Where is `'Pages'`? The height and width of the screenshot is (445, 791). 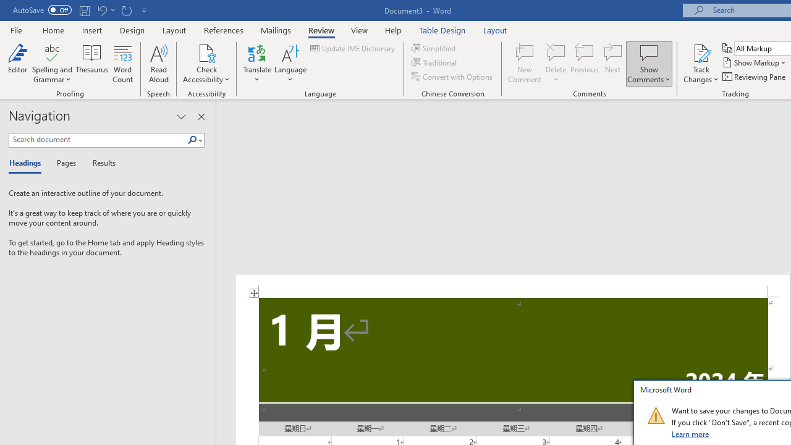 'Pages' is located at coordinates (64, 163).